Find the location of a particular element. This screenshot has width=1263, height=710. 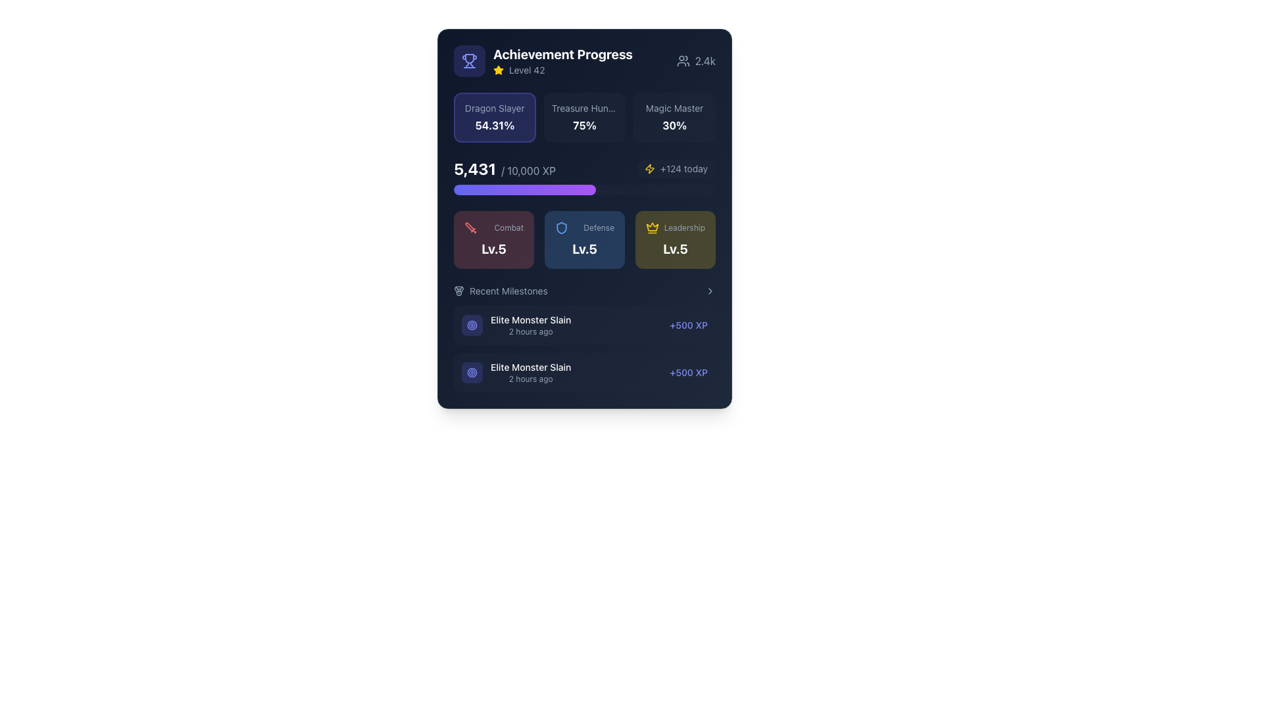

the 'Magic Master' label element, which is styled with subtle grey color and small font size, located in the top-right corner of its card is located at coordinates (674, 108).